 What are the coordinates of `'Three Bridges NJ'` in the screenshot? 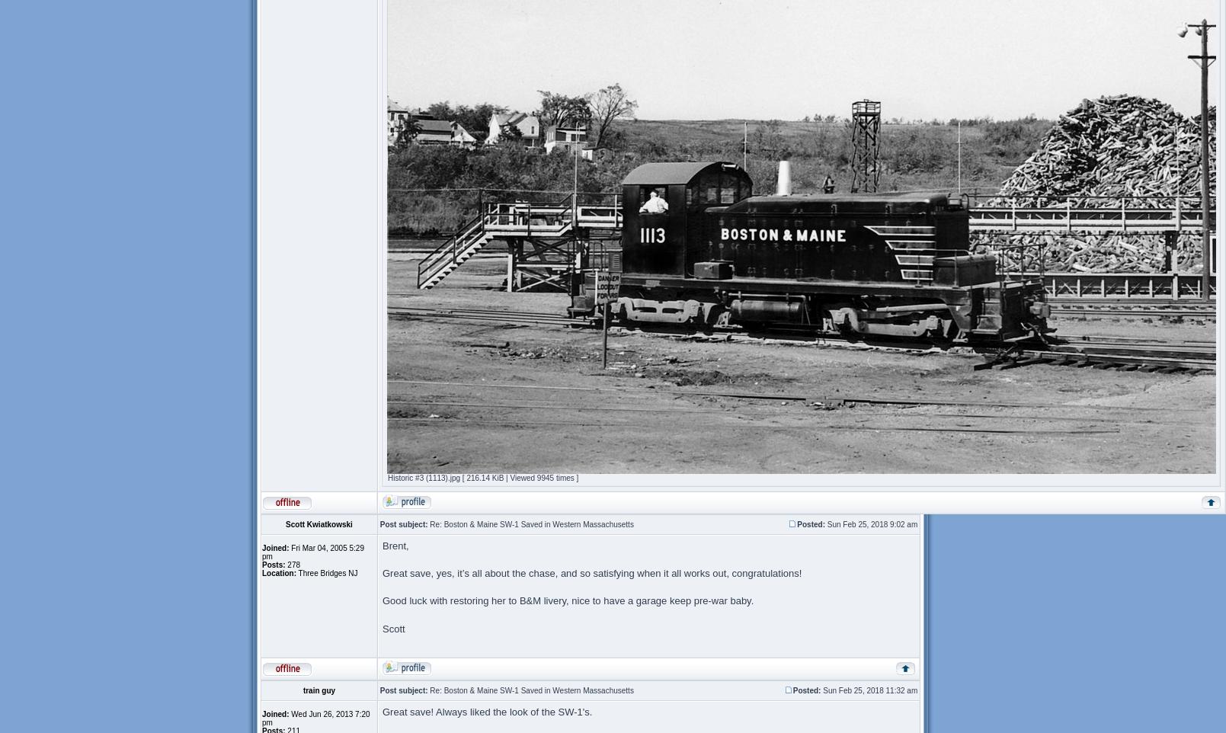 It's located at (325, 572).